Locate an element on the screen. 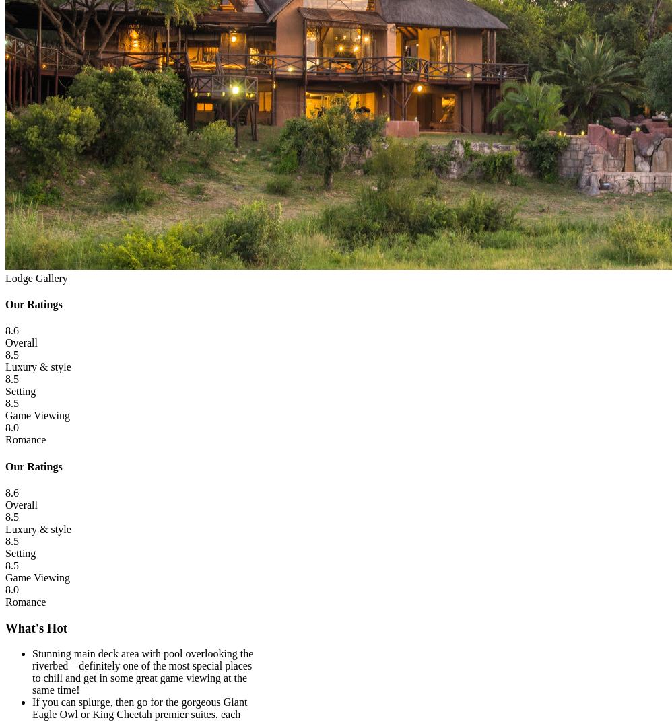 The width and height of the screenshot is (672, 722). 'Lodge Gallery' is located at coordinates (35, 277).